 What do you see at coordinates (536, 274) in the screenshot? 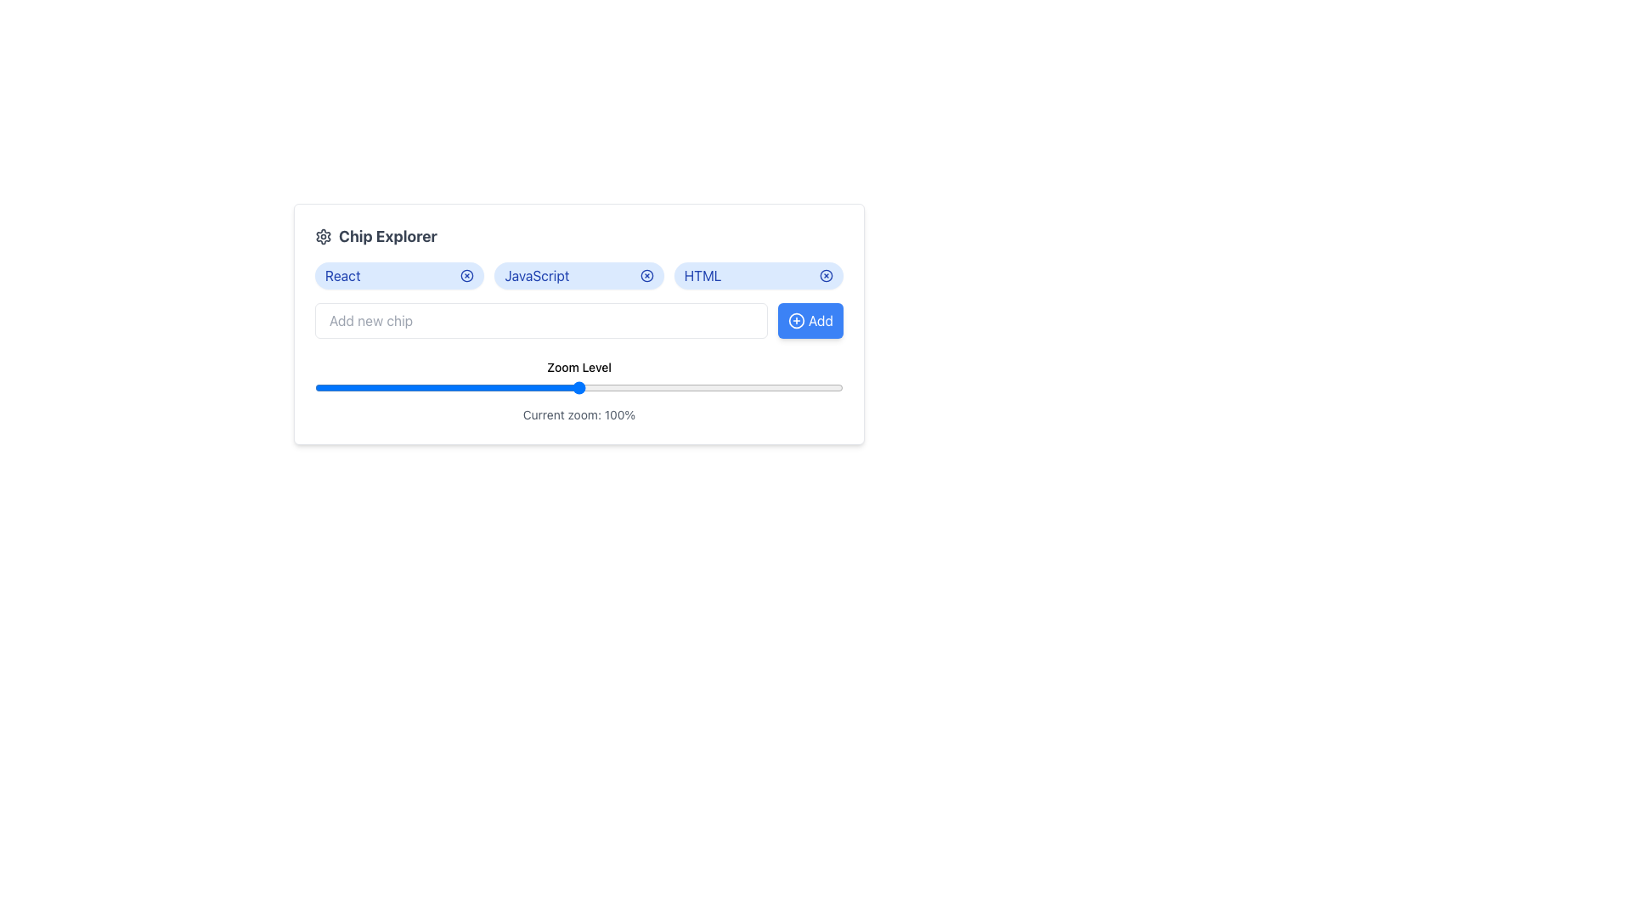
I see `the 'JavaScript' chip element, which is styled in blue on a light blue rounded background, positioned between the 'React' and 'HTML' chips in a horizontal list` at bounding box center [536, 274].